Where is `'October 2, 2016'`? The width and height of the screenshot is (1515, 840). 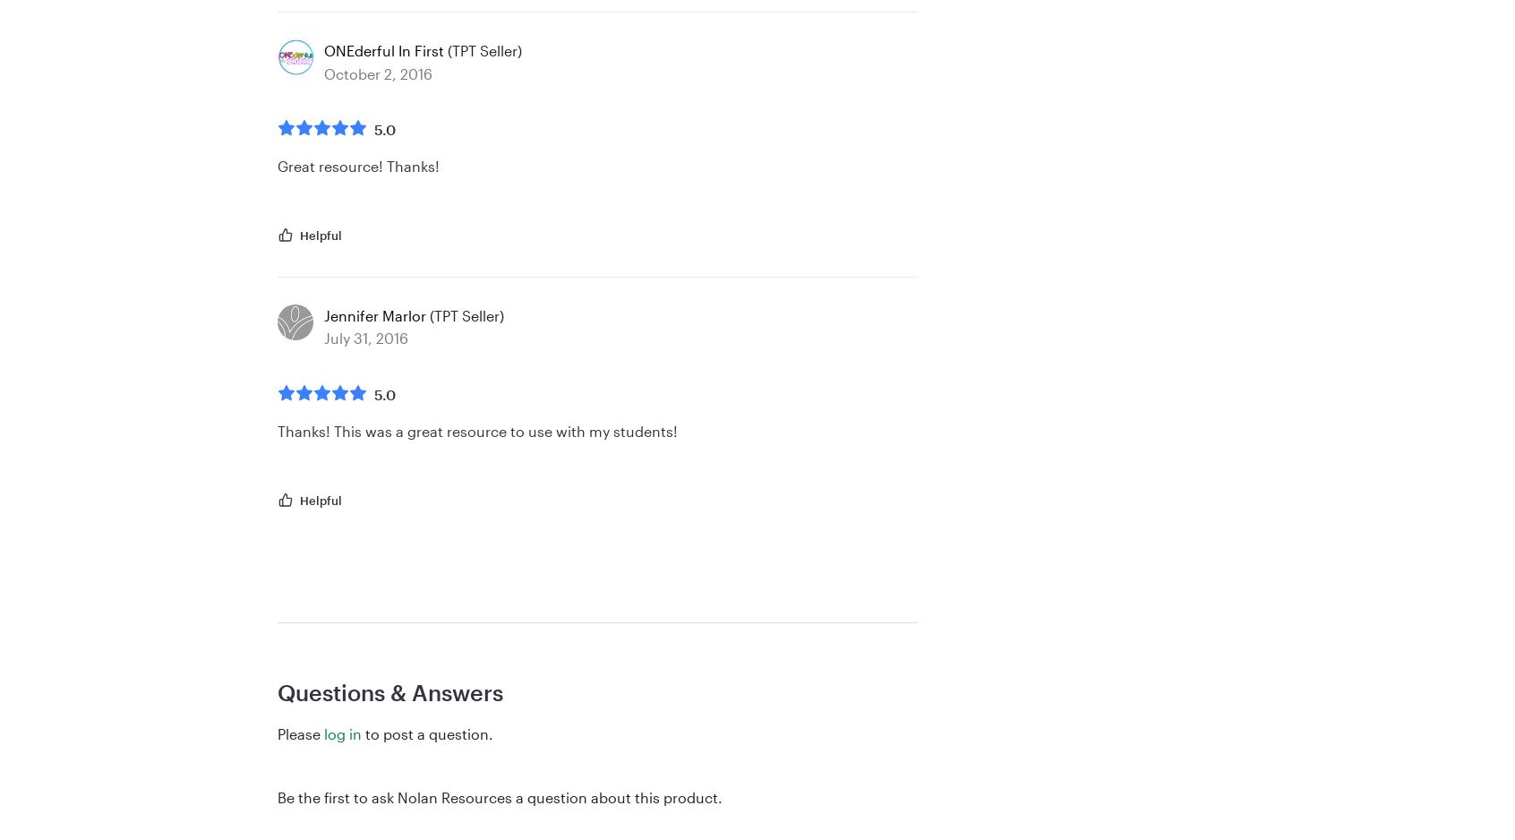
'October 2, 2016' is located at coordinates (378, 73).